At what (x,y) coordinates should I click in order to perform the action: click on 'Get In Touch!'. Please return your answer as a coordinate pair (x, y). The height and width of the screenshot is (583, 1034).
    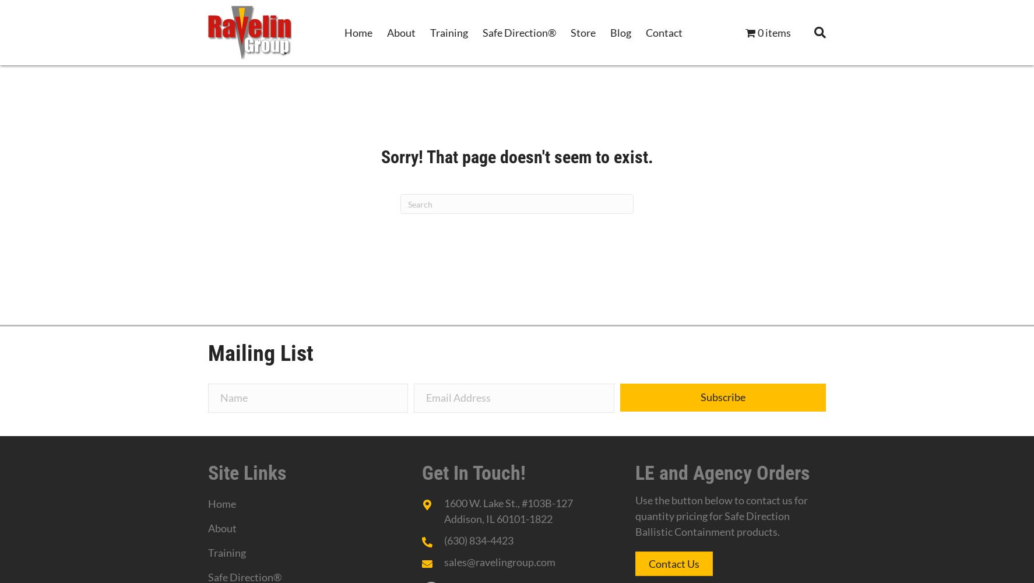
    Looking at the image, I should click on (473, 472).